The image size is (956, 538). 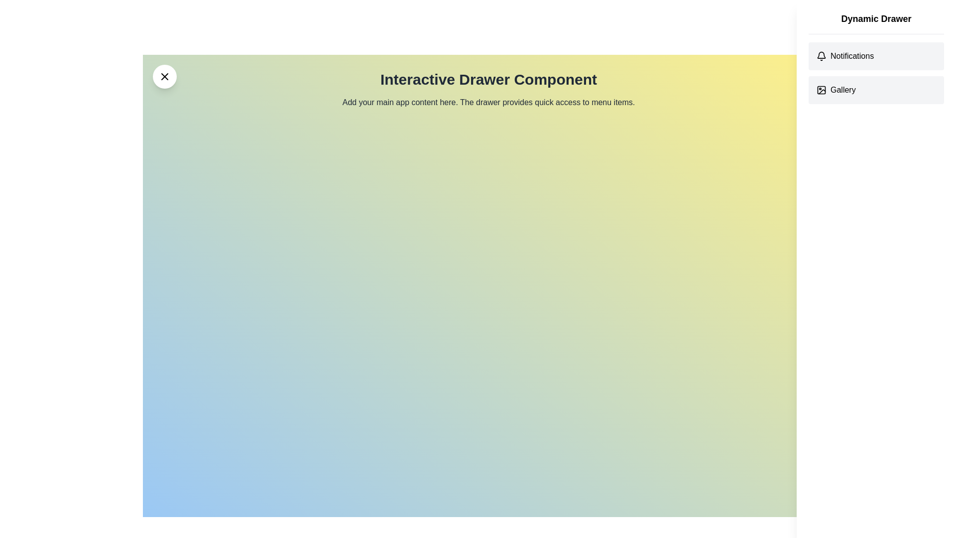 I want to click on the icon in the drawer menu representing the 'Gallery' functionality, located in the middle-right section next to the text item labeled 'Gallery', so click(x=822, y=90).